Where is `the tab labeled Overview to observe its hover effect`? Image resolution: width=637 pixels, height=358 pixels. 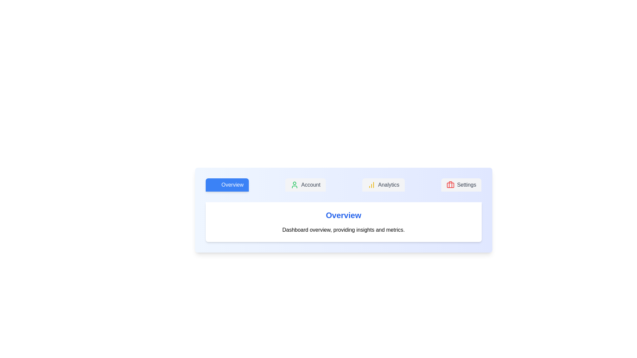 the tab labeled Overview to observe its hover effect is located at coordinates (227, 185).